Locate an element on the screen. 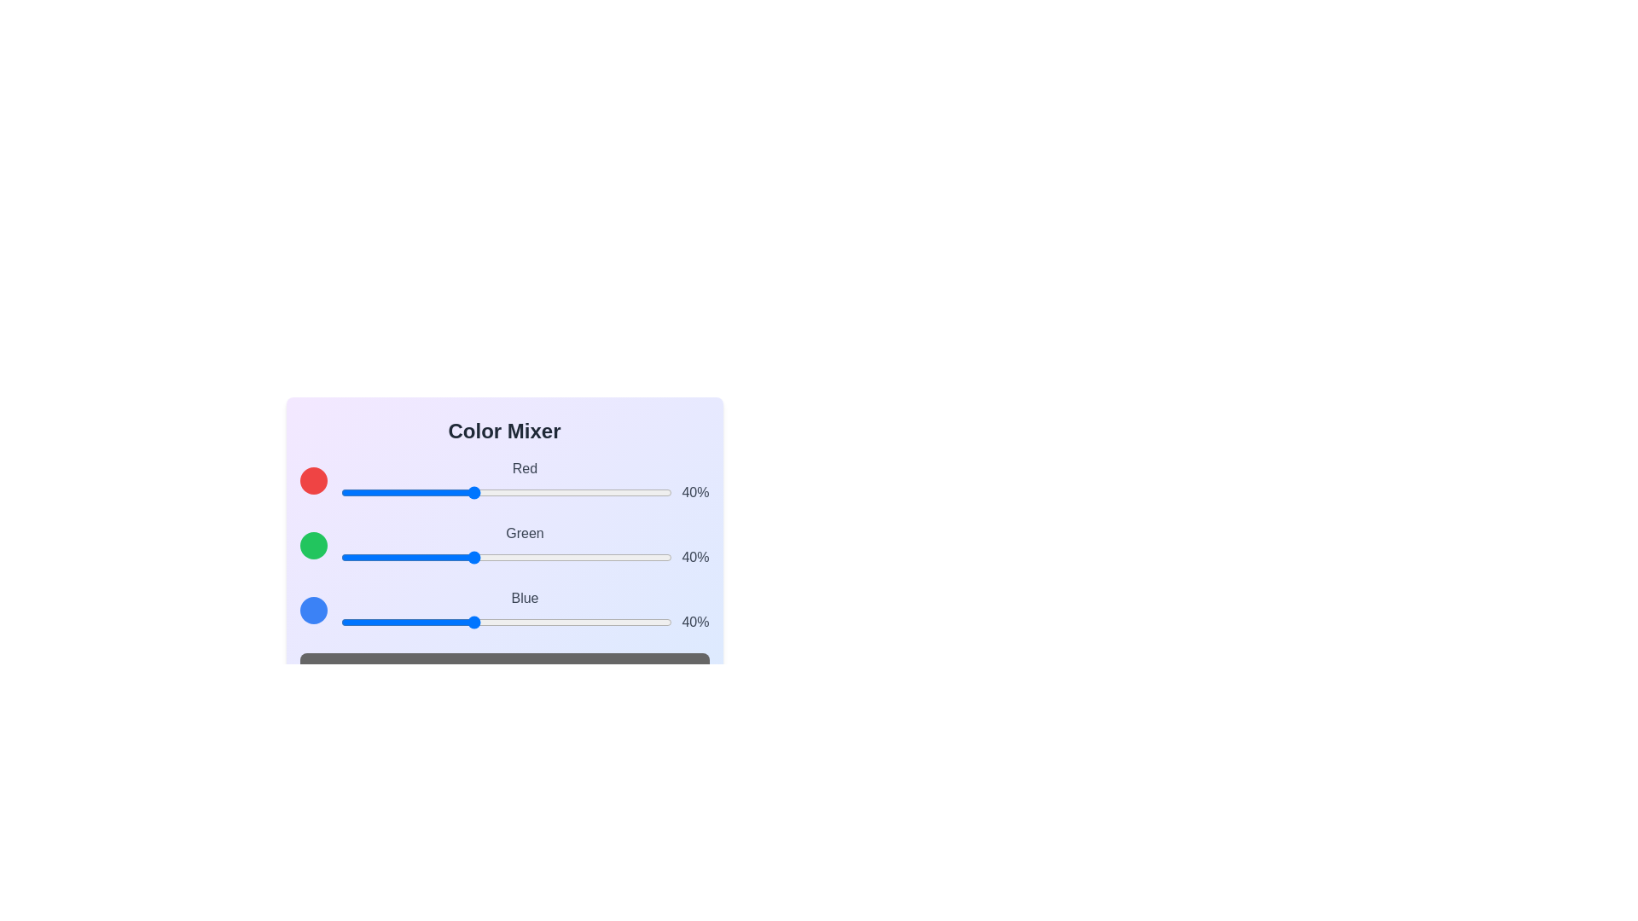  the red color preview circle is located at coordinates (313, 480).